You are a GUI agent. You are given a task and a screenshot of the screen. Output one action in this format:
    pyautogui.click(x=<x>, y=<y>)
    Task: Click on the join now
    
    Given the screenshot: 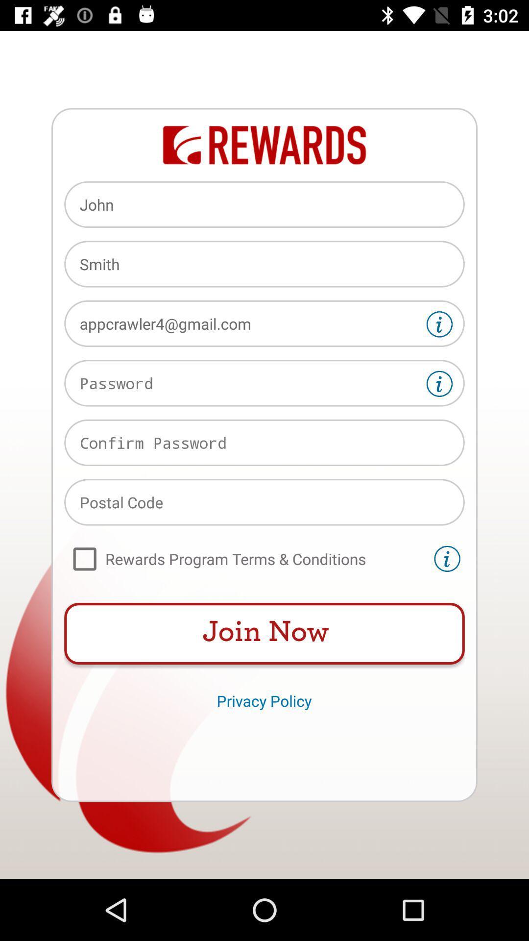 What is the action you would take?
    pyautogui.click(x=264, y=633)
    